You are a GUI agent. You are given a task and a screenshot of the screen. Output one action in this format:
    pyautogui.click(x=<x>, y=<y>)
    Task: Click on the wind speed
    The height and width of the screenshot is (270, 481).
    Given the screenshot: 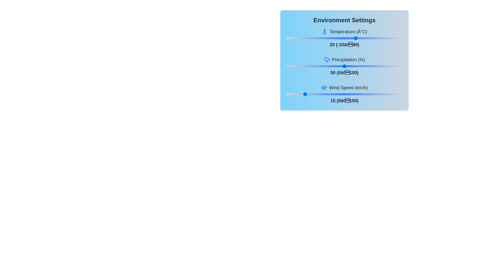 What is the action you would take?
    pyautogui.click(x=287, y=94)
    